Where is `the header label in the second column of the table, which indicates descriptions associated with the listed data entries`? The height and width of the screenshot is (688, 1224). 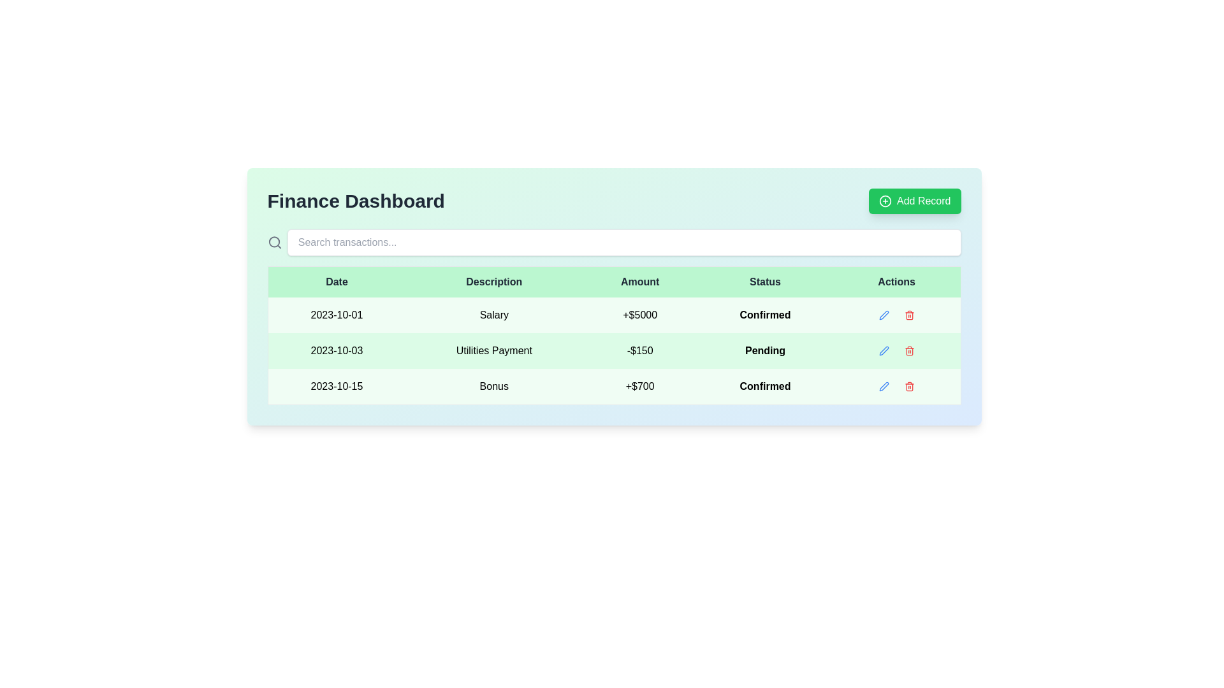
the header label in the second column of the table, which indicates descriptions associated with the listed data entries is located at coordinates (493, 281).